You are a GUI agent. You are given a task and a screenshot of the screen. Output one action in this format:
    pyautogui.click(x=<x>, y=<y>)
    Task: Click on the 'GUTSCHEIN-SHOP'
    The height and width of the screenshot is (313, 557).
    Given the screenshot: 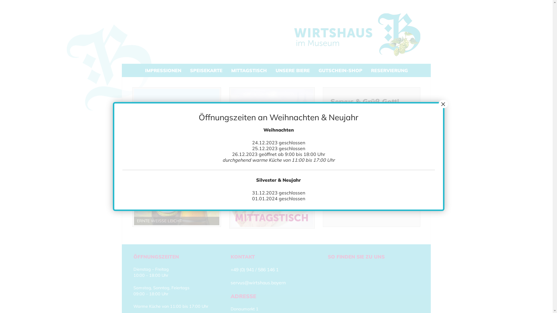 What is the action you would take?
    pyautogui.click(x=313, y=70)
    